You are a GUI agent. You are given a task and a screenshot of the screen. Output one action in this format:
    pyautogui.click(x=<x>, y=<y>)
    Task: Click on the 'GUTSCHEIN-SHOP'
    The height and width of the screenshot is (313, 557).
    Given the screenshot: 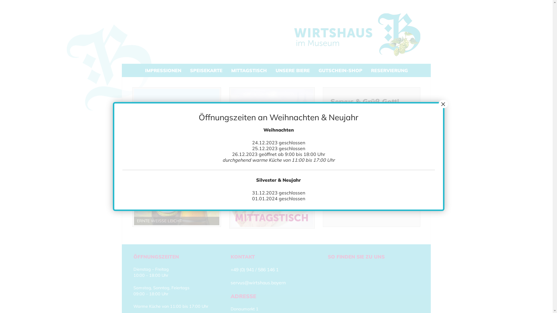 What is the action you would take?
    pyautogui.click(x=313, y=70)
    